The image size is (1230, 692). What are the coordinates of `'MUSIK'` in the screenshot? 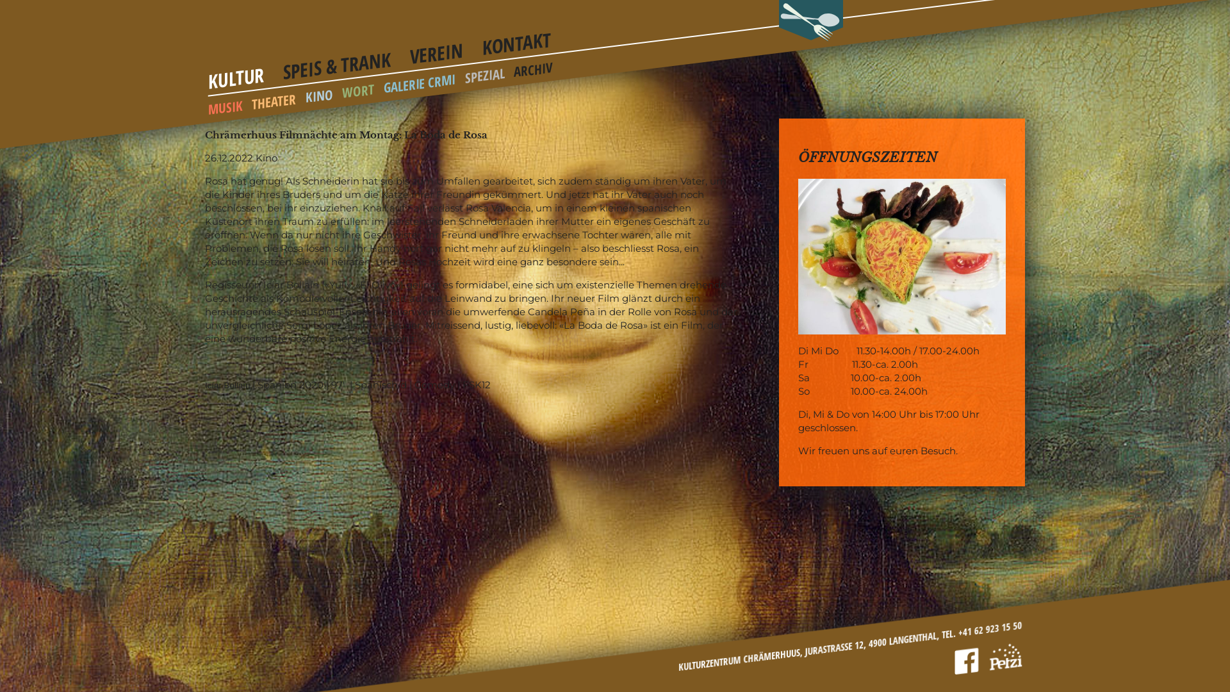 It's located at (225, 104).